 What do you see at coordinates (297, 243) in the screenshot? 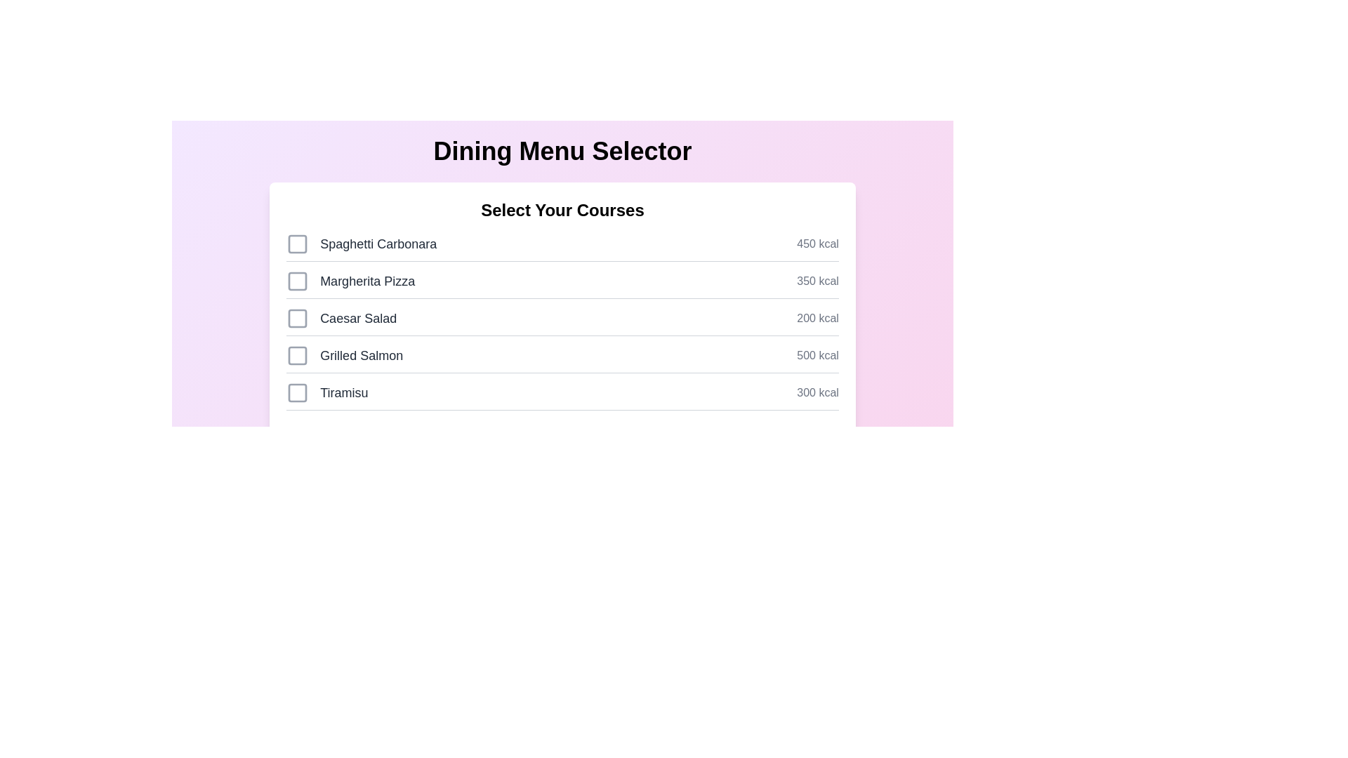
I see `the checkbox for the dish Spaghetti Carbonara` at bounding box center [297, 243].